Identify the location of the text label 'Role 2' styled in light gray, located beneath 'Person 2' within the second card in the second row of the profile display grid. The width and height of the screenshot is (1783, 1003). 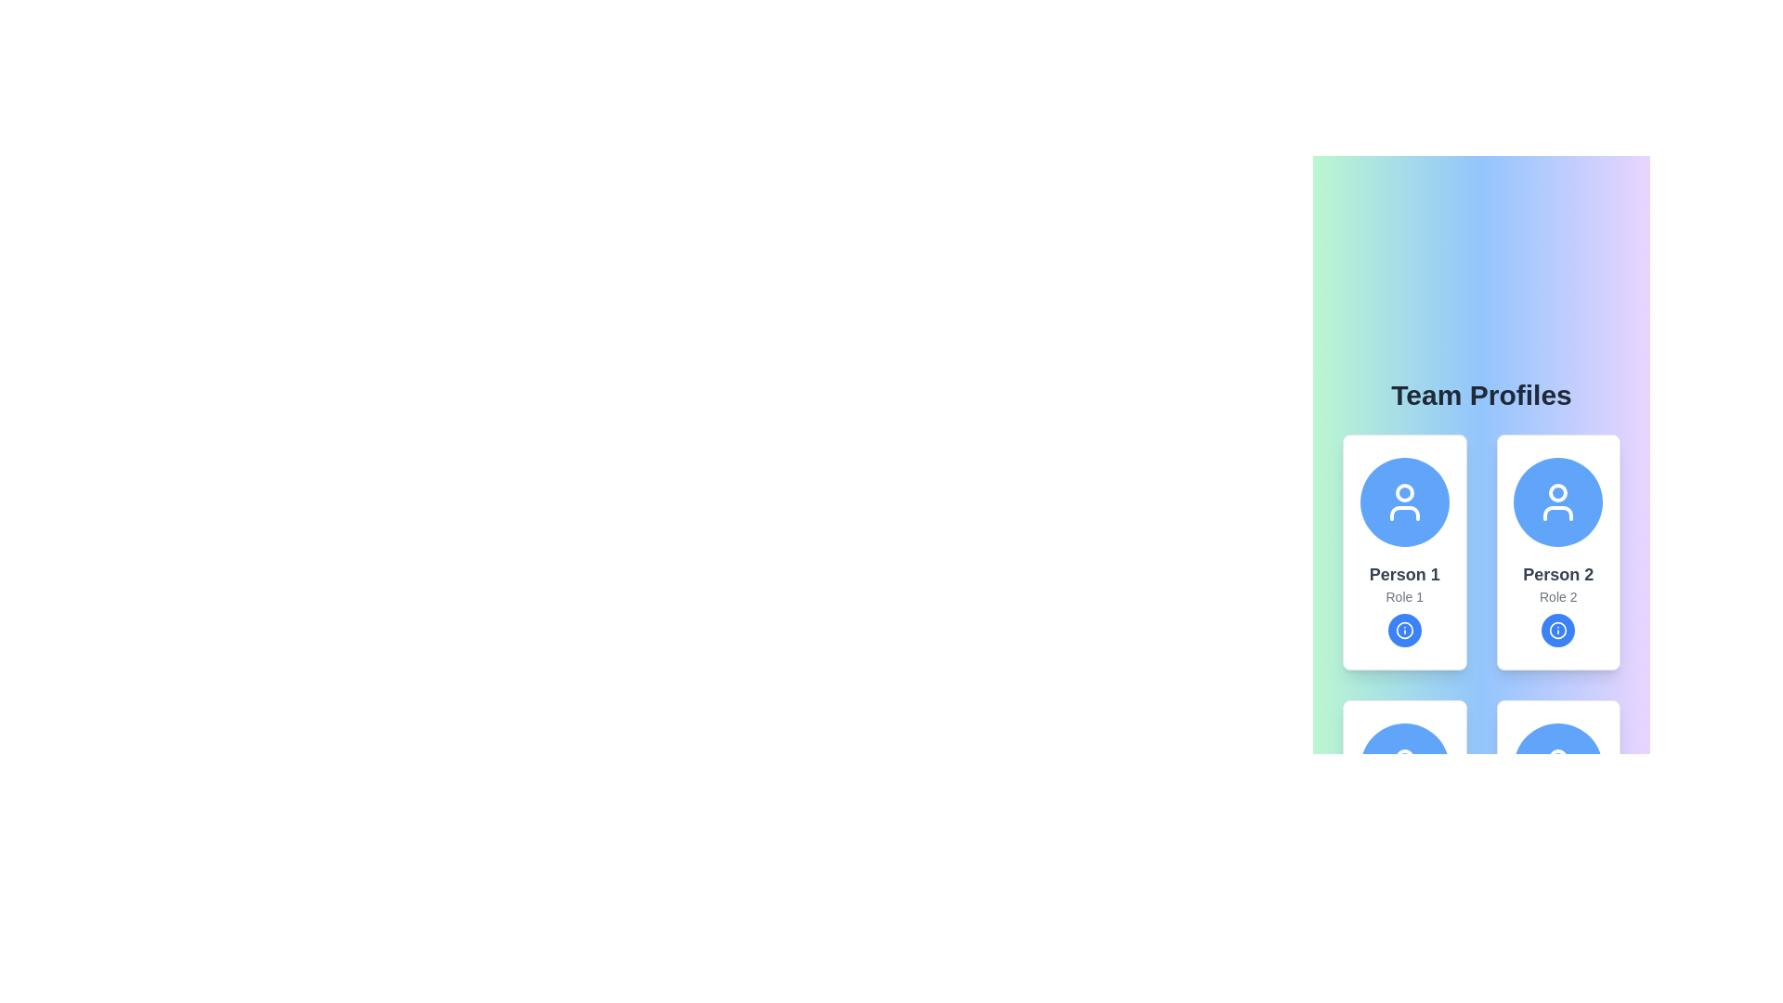
(1558, 597).